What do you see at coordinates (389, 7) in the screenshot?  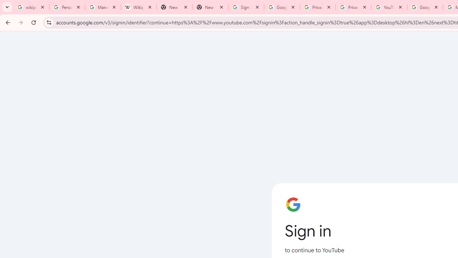 I see `'YouTube'` at bounding box center [389, 7].